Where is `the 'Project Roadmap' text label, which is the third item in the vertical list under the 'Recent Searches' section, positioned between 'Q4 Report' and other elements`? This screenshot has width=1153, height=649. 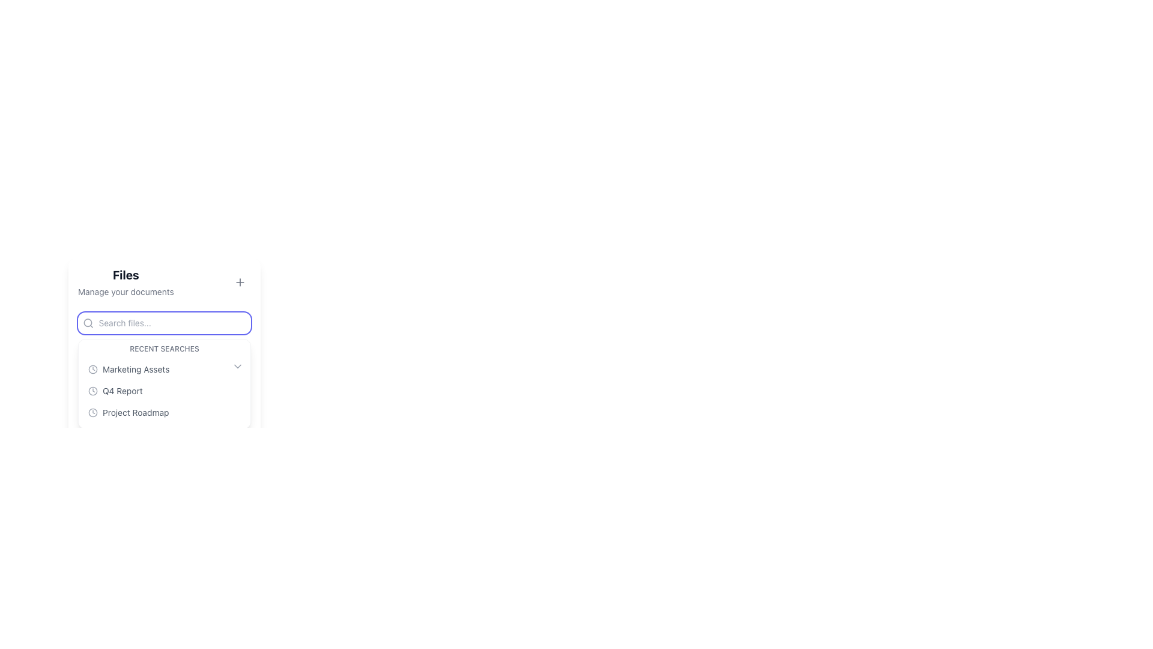 the 'Project Roadmap' text label, which is the third item in the vertical list under the 'Recent Searches' section, positioned between 'Q4 Report' and other elements is located at coordinates (136, 412).